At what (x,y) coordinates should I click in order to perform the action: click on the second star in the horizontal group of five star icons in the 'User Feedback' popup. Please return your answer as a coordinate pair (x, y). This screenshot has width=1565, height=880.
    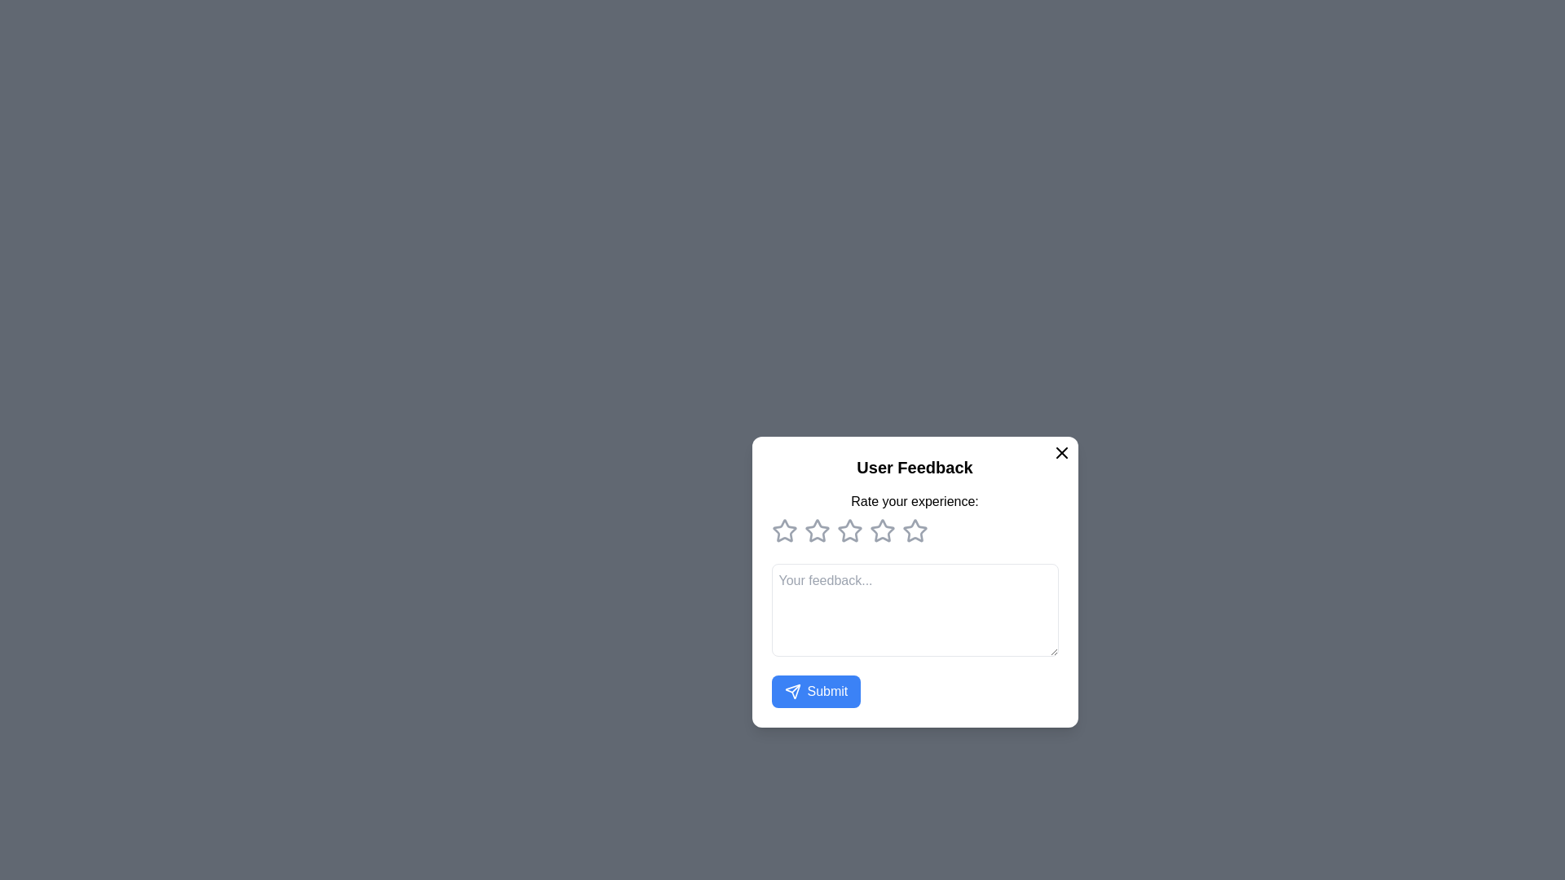
    Looking at the image, I should click on (849, 530).